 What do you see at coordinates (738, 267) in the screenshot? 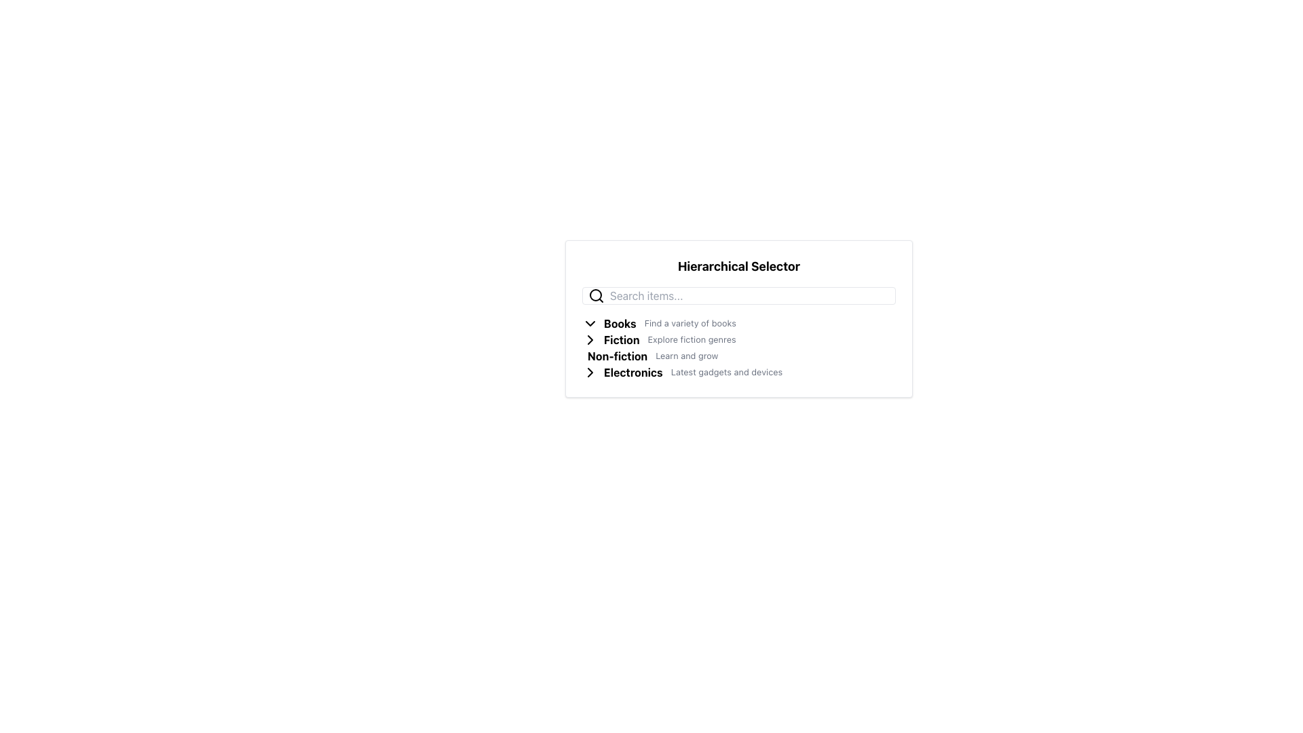
I see `the title text element that serves as a heading for the section, which is located above the search bar and other items like 'Books' and 'Fiction'` at bounding box center [738, 267].